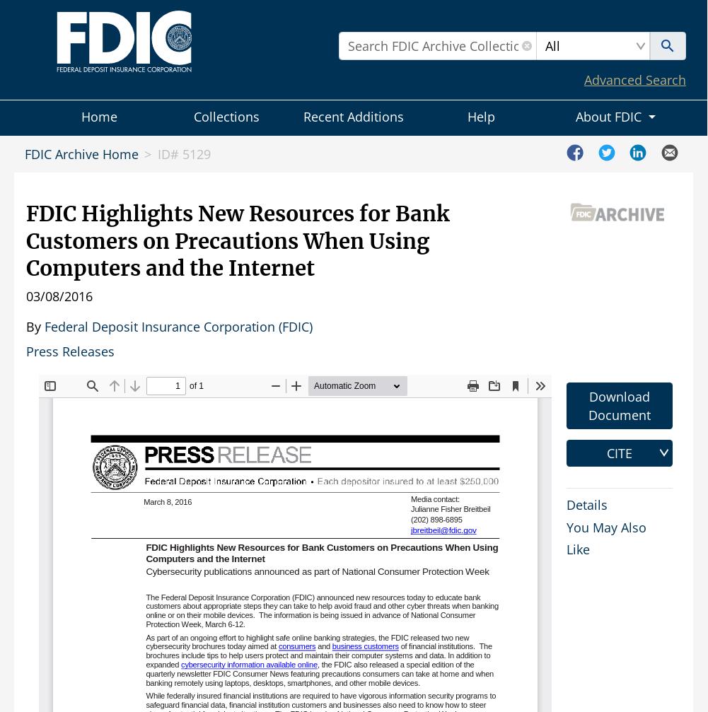  I want to click on 'CITE', so click(619, 452).